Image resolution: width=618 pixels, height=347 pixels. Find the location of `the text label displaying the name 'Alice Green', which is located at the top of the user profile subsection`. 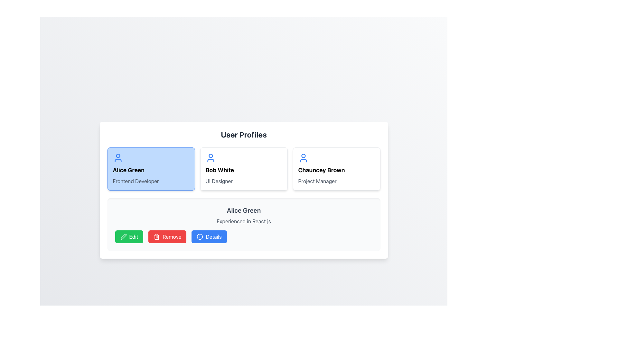

the text label displaying the name 'Alice Green', which is located at the top of the user profile subsection is located at coordinates (243, 210).